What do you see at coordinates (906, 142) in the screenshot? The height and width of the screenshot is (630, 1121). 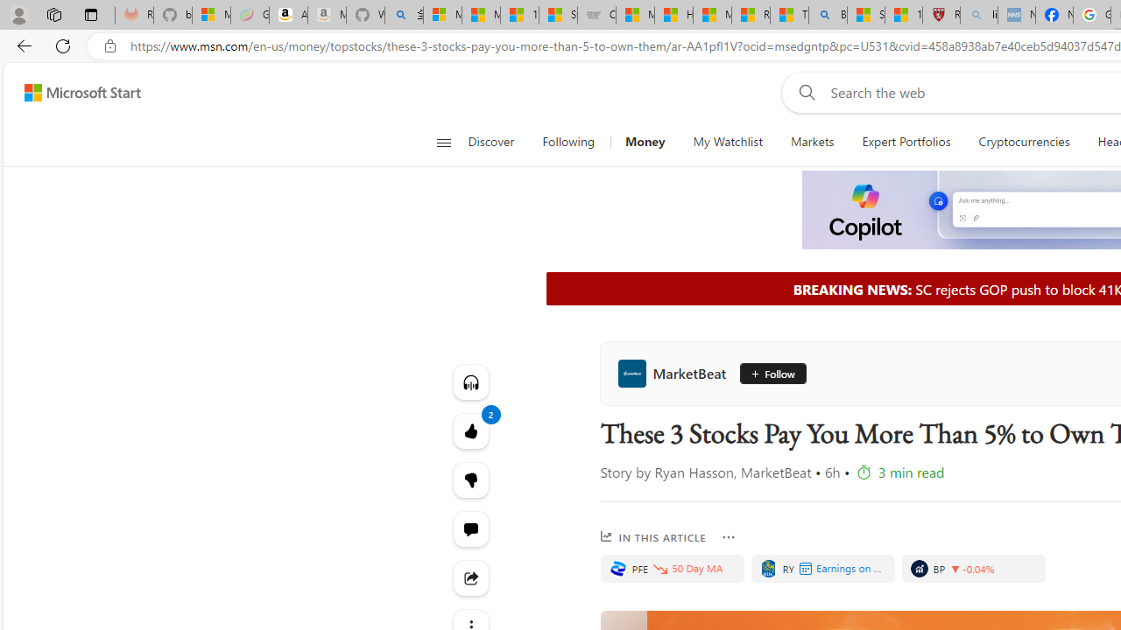 I see `'Expert Portfolios'` at bounding box center [906, 142].